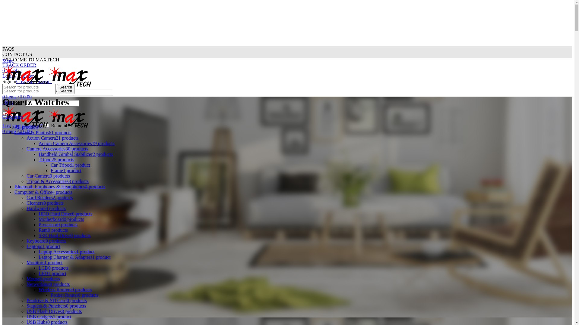  Describe the element at coordinates (56, 306) in the screenshot. I see `'Staplers & Punchers0 products'` at that location.